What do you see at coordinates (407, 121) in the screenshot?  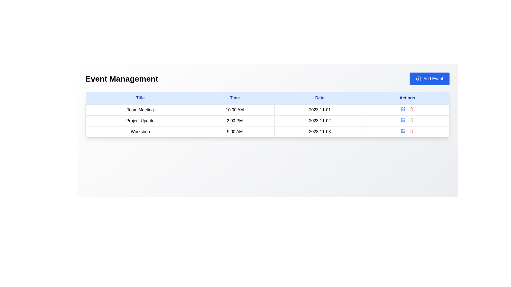 I see `the red trash icon located in the fourth cell of the second row in the 'Event Management' table` at bounding box center [407, 121].